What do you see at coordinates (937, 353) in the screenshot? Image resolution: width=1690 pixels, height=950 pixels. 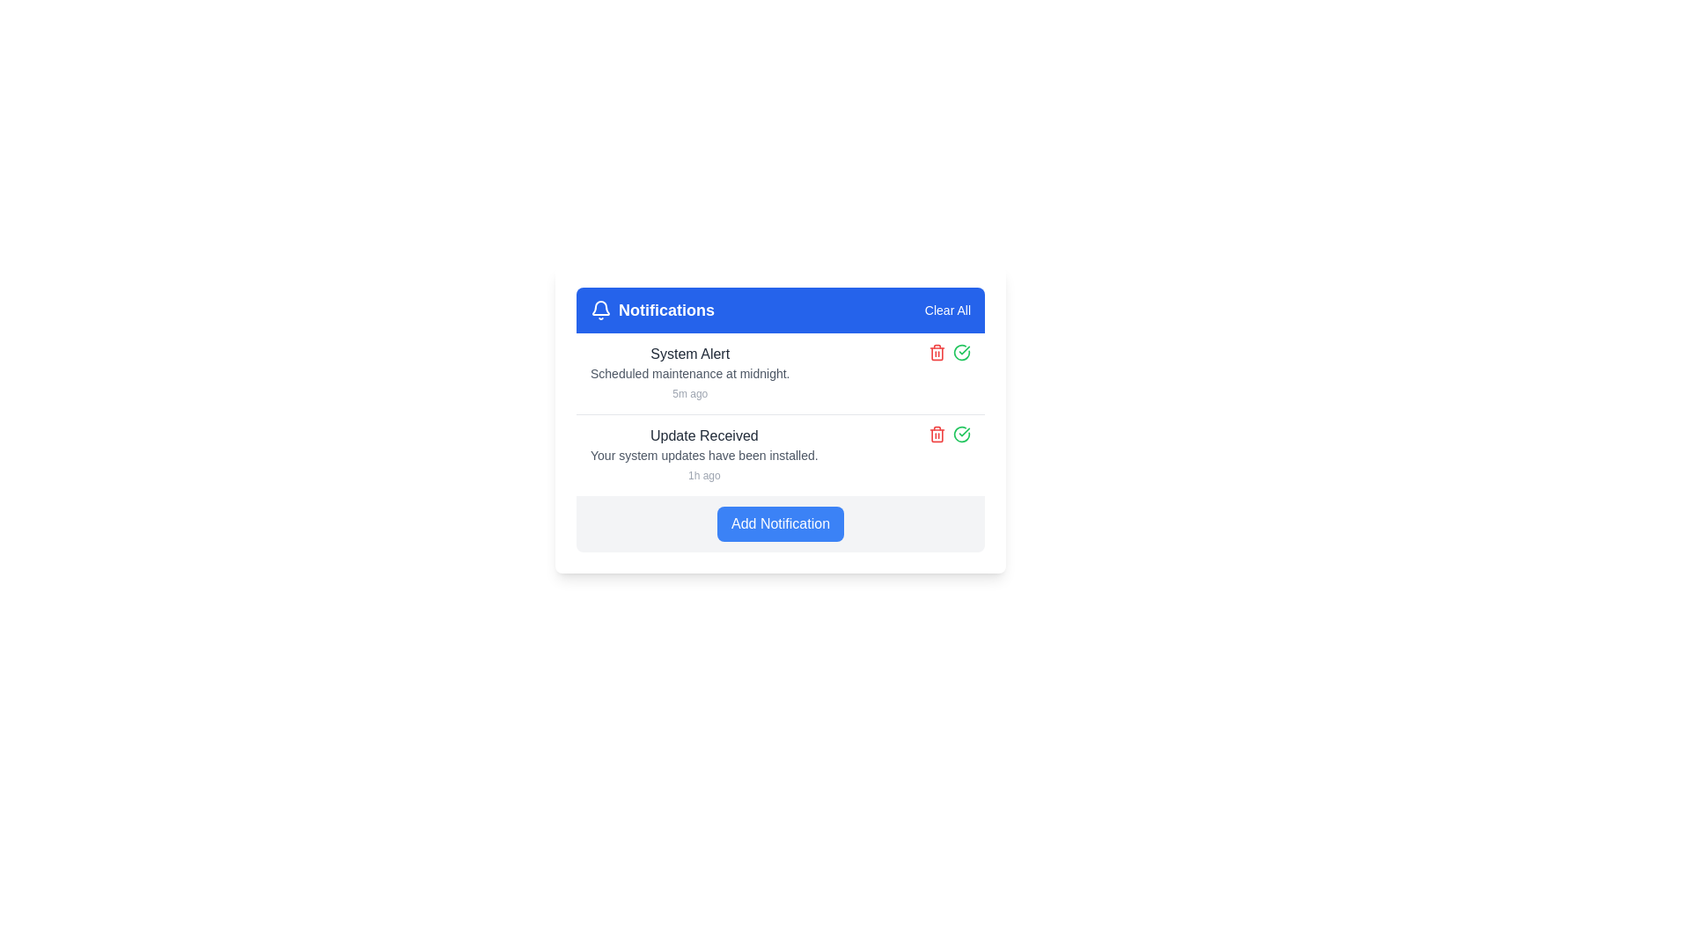 I see `the red trash bin icon button located on the right side of the second notification entry ('Your system updates have been installed.')` at bounding box center [937, 353].